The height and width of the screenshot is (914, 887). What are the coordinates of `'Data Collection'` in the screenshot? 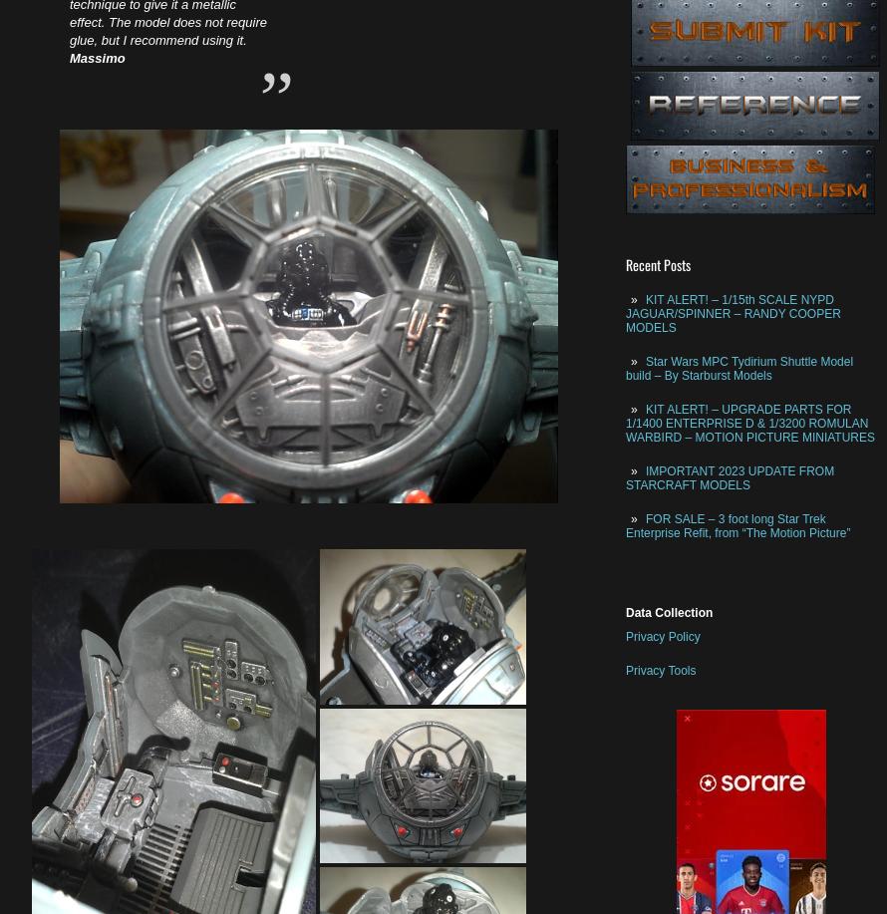 It's located at (668, 611).